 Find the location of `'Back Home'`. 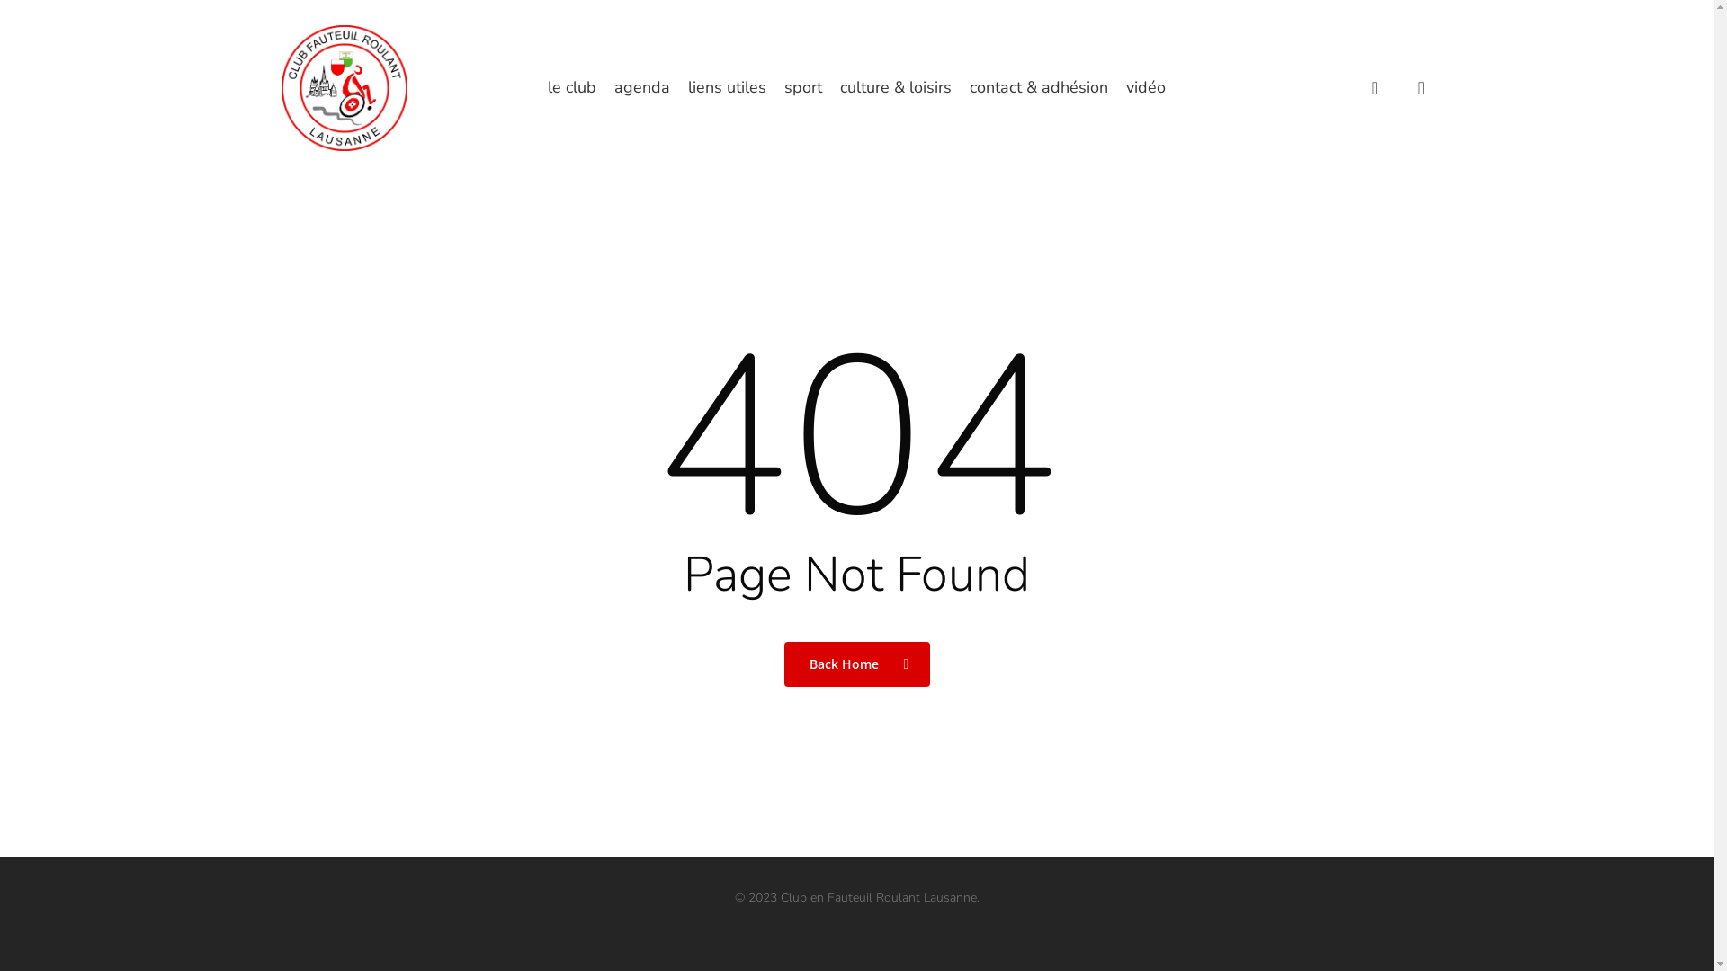

'Back Home' is located at coordinates (784, 664).